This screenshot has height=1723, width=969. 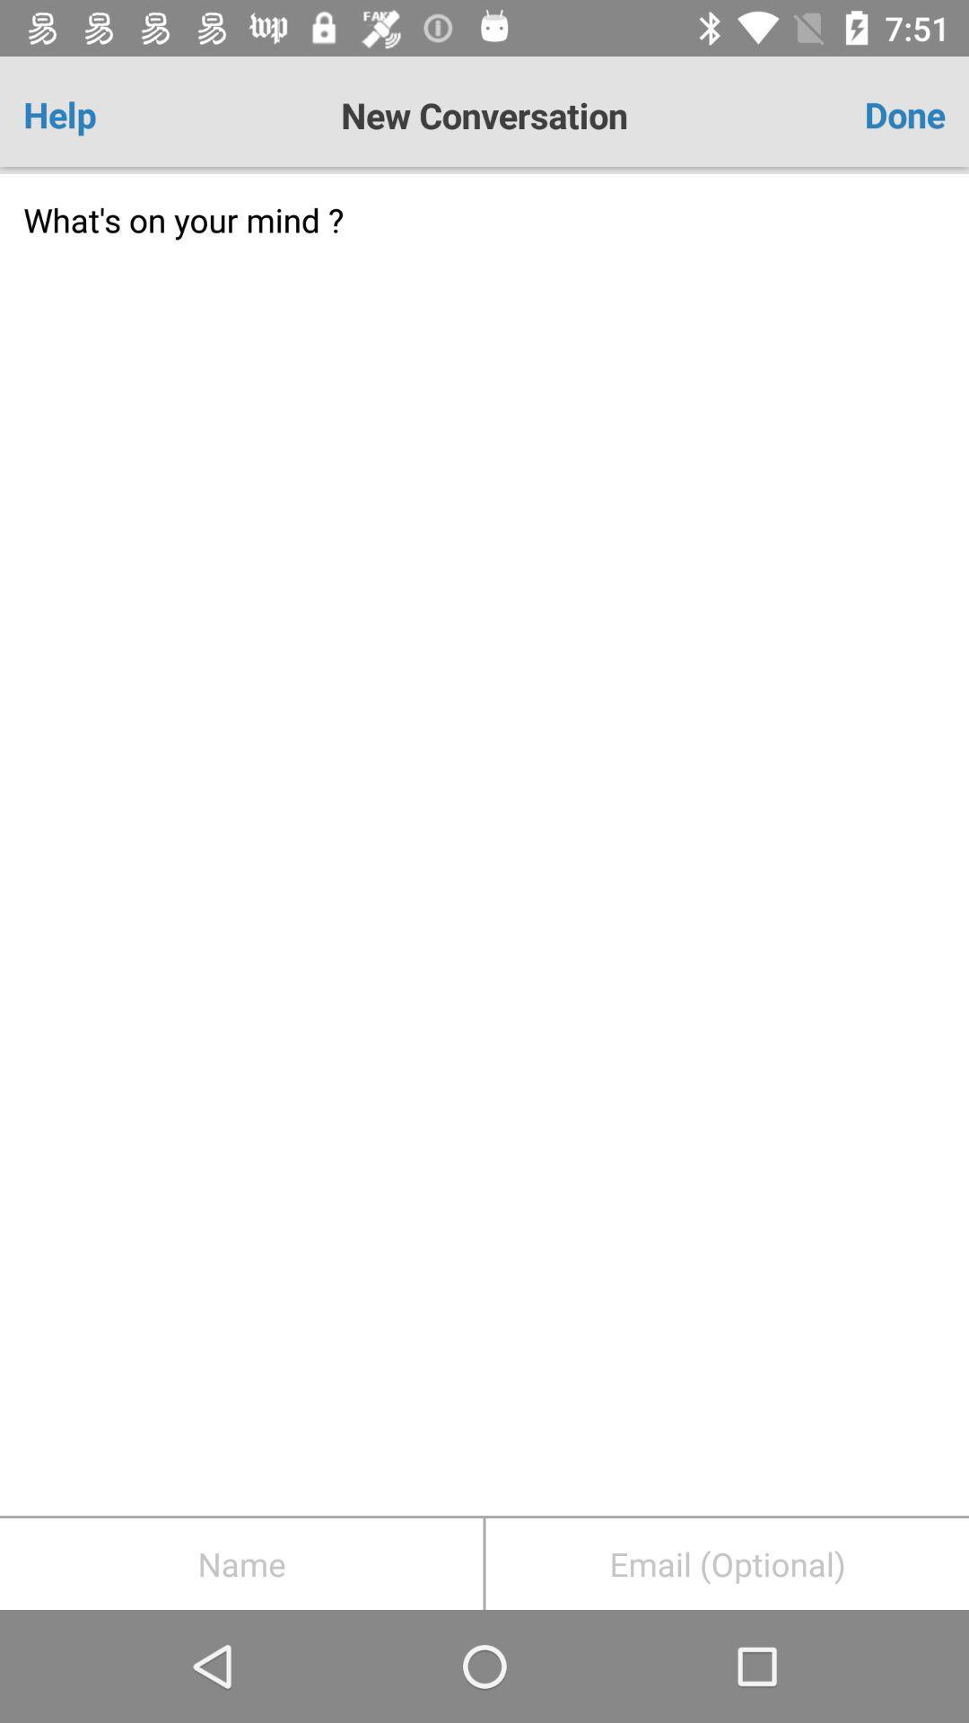 I want to click on icon to the left of new conversation, so click(x=99, y=114).